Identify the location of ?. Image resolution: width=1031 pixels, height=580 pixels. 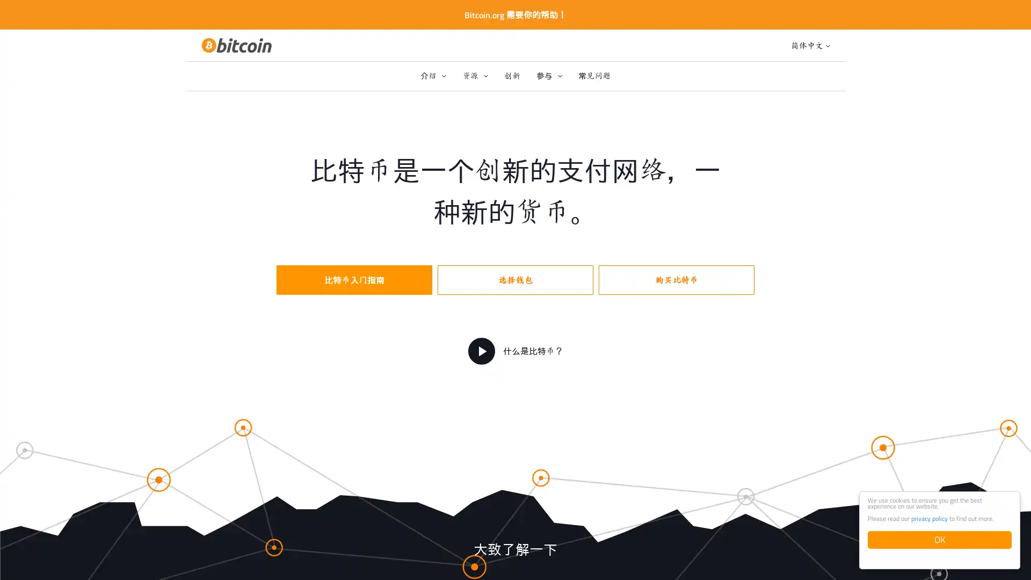
(514, 351).